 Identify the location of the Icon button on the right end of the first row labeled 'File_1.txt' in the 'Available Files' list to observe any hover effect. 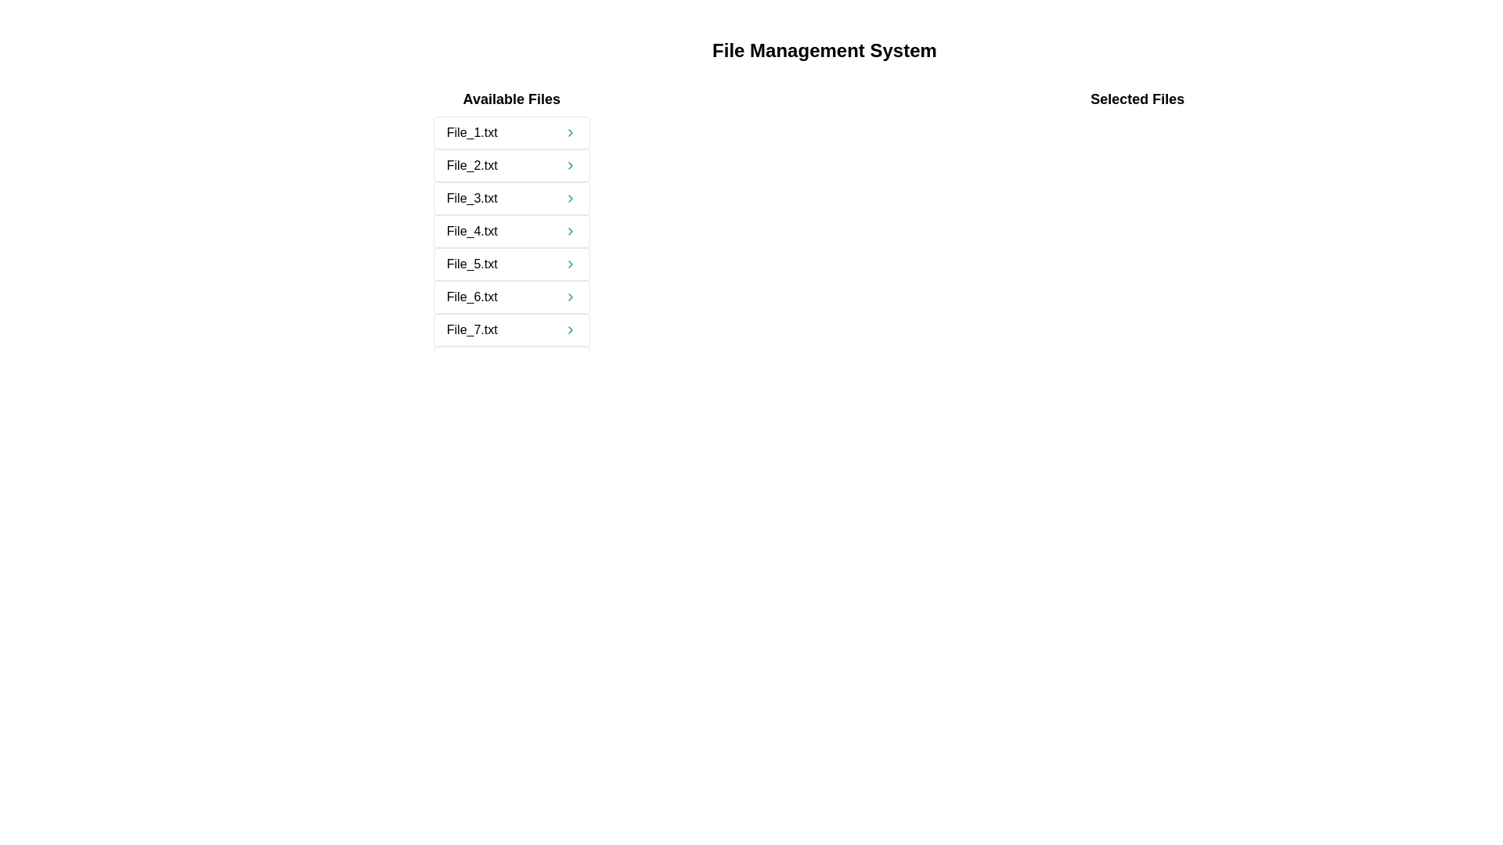
(569, 131).